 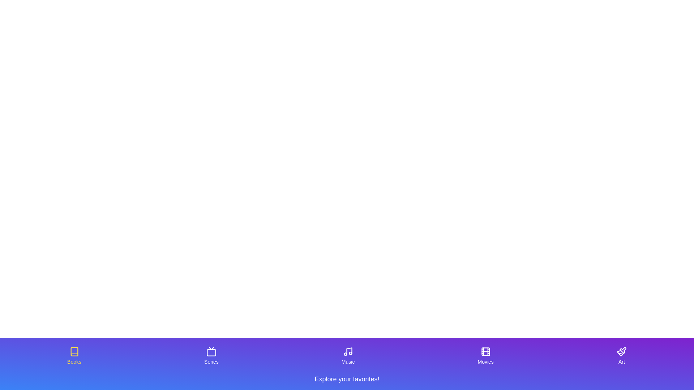 What do you see at coordinates (74, 356) in the screenshot?
I see `the tab labeled Books by clicking on its corresponding icon or label` at bounding box center [74, 356].